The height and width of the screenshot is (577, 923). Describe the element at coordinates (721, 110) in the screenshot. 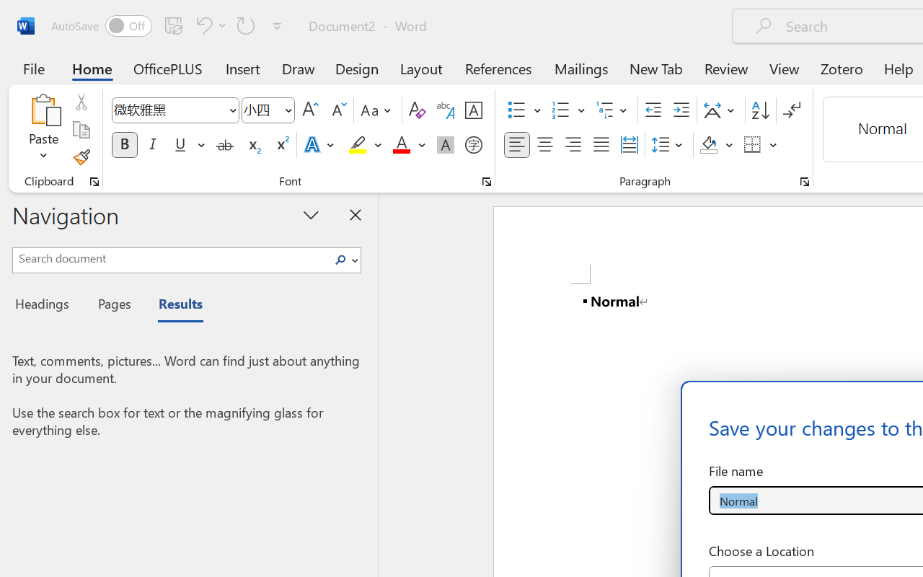

I see `'Asian Layout'` at that location.